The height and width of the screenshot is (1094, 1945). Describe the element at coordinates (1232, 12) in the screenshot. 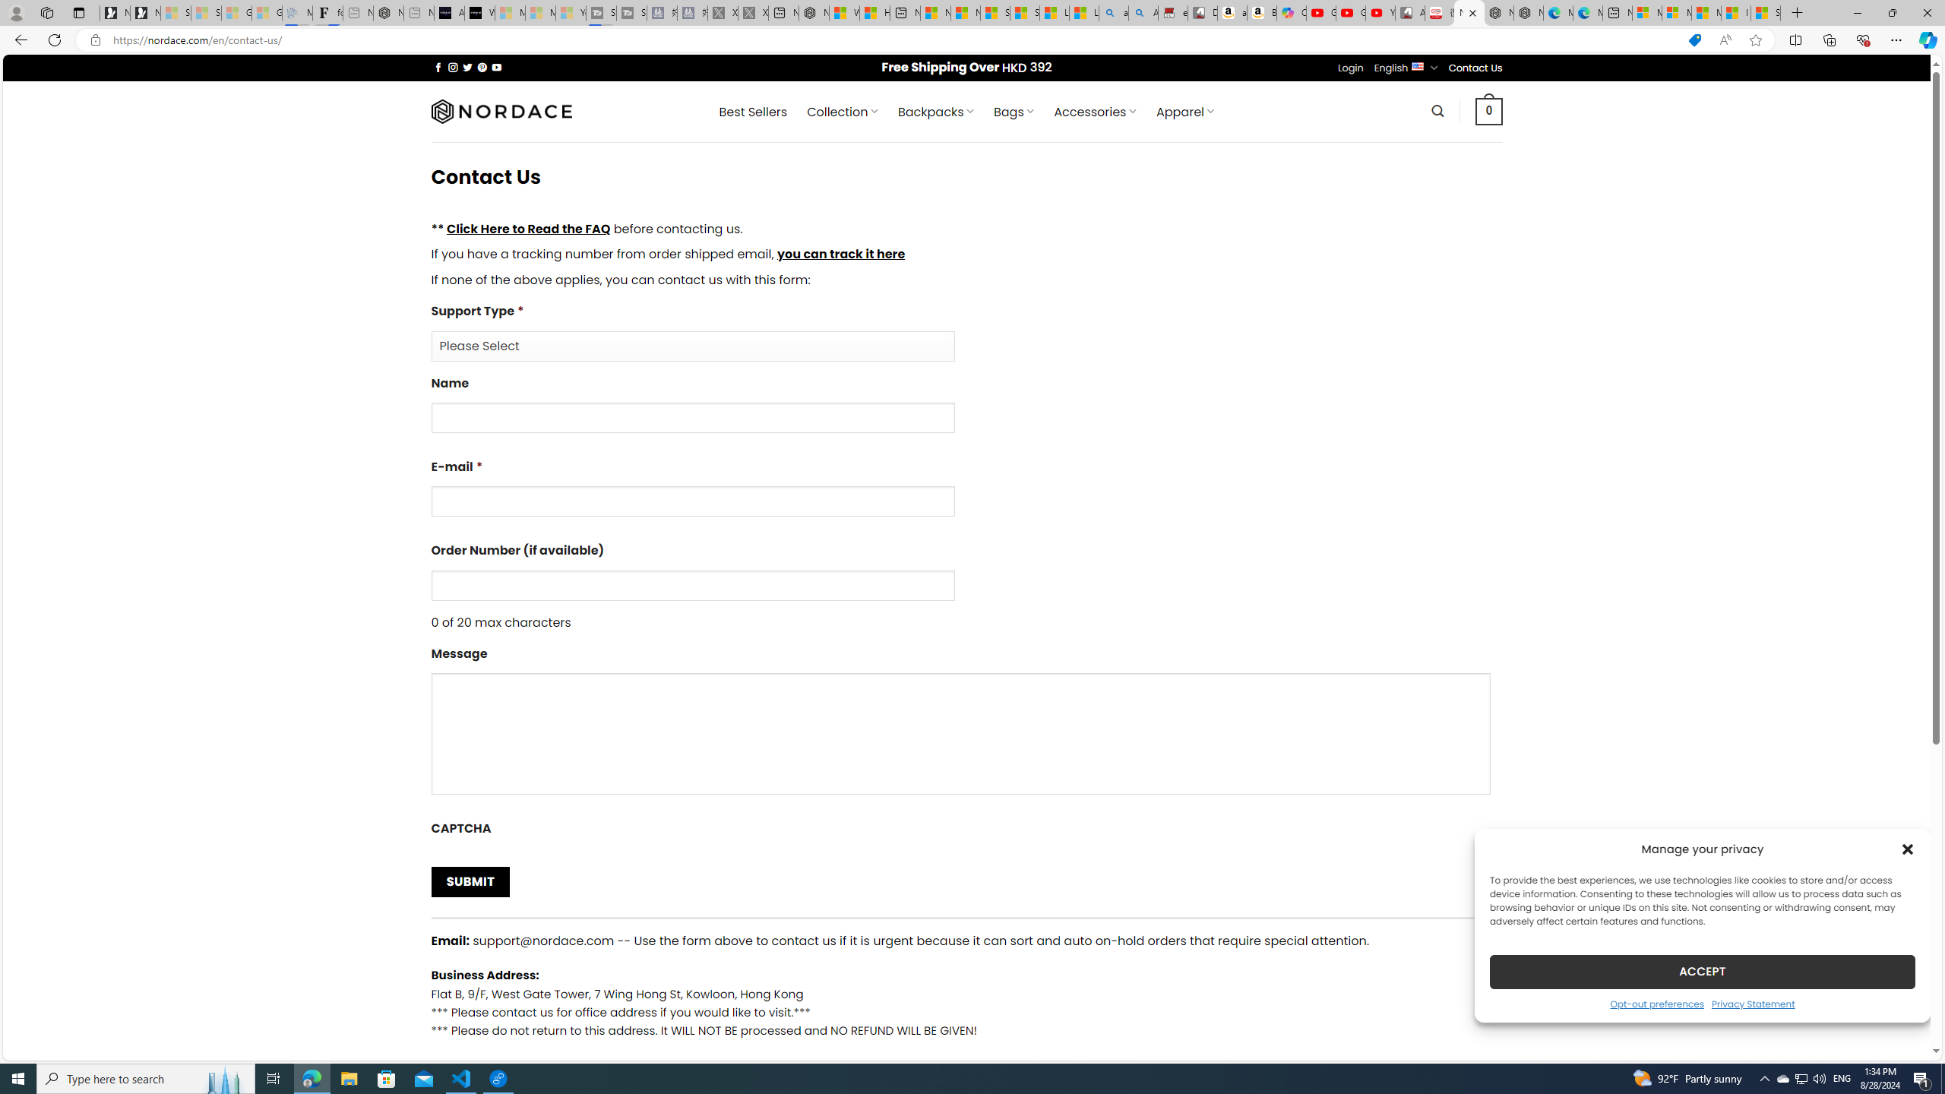

I see `'amazon.in/dp/B0CX59H5W7/?tag=gsmcom05-21'` at that location.